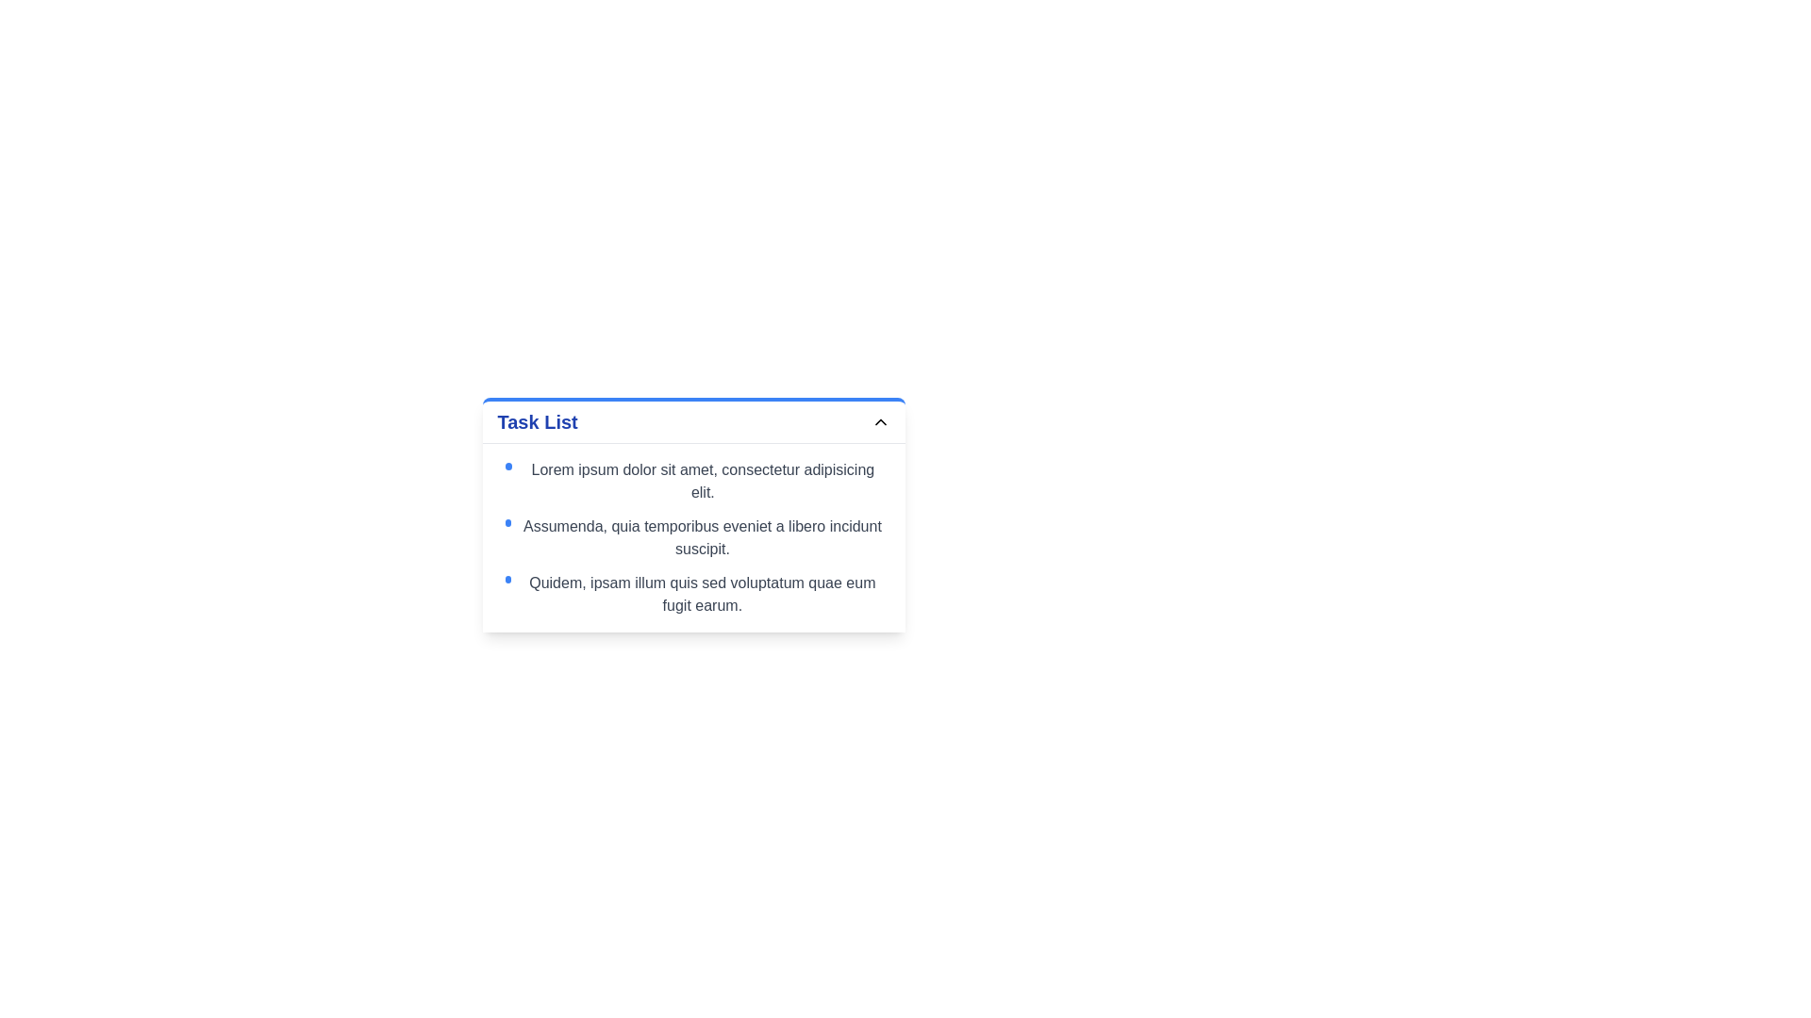 The height and width of the screenshot is (1018, 1811). I want to click on the first list item containing the blue circular bullet point and the text 'Lorem ipsum dolor sit amet, consectetur adipisicing elit.', so click(692, 480).